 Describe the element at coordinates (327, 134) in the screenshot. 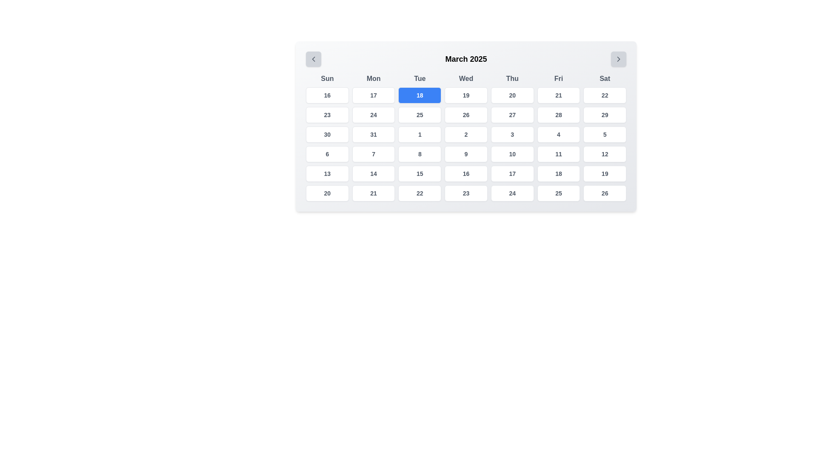

I see `the date '30' displayed in the button-like grid cell located in the fourth row and first column of the calendar interface under the 'Sun' column` at that location.